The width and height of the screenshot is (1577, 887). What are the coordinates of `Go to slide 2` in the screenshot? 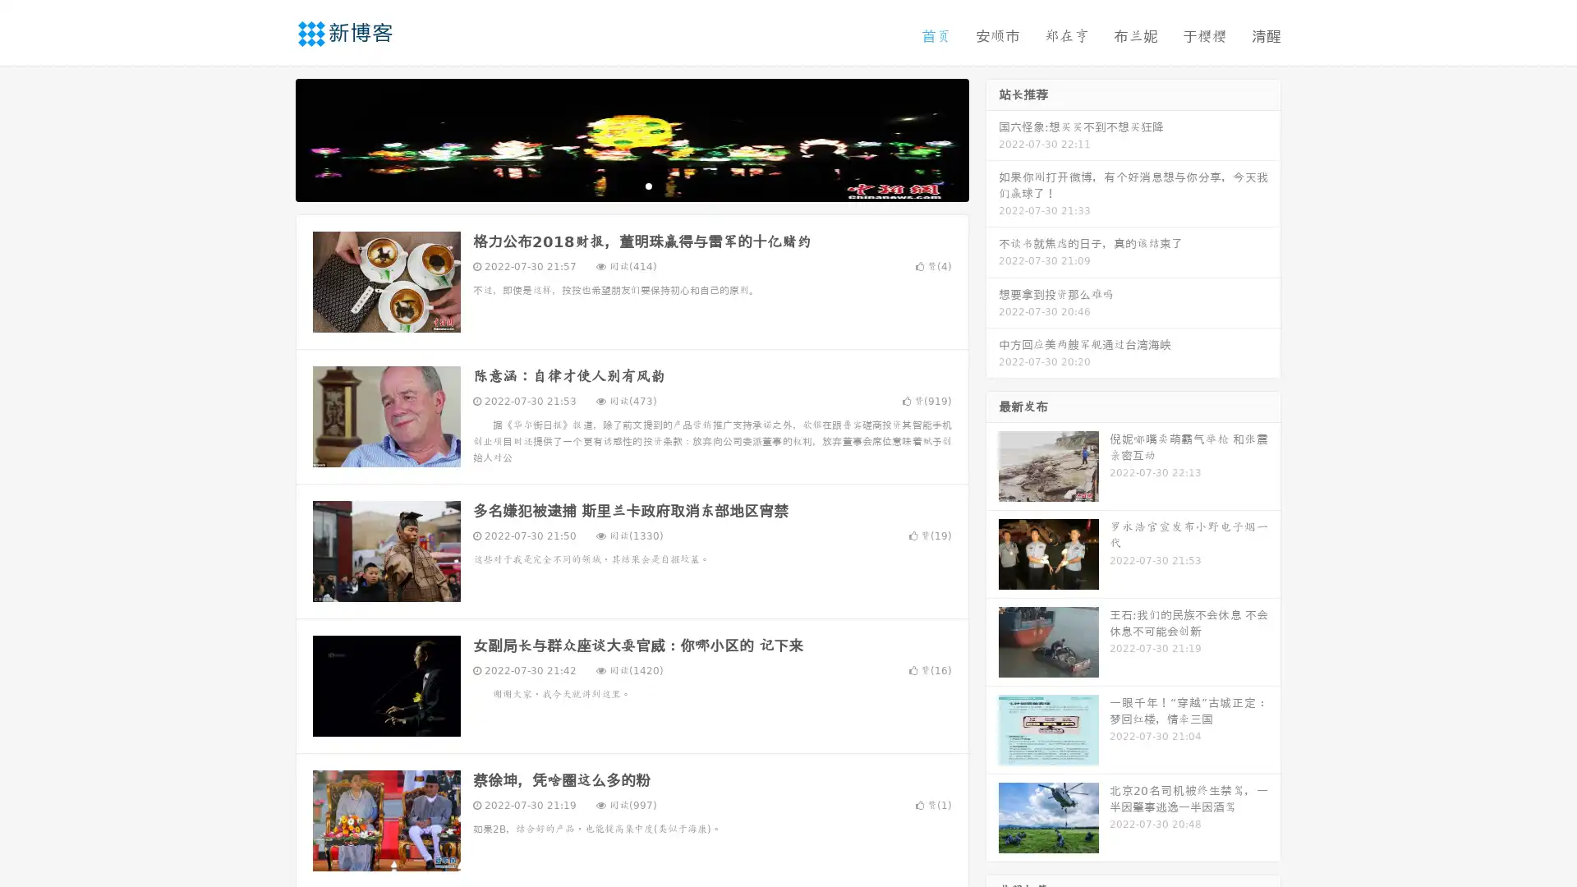 It's located at (631, 185).